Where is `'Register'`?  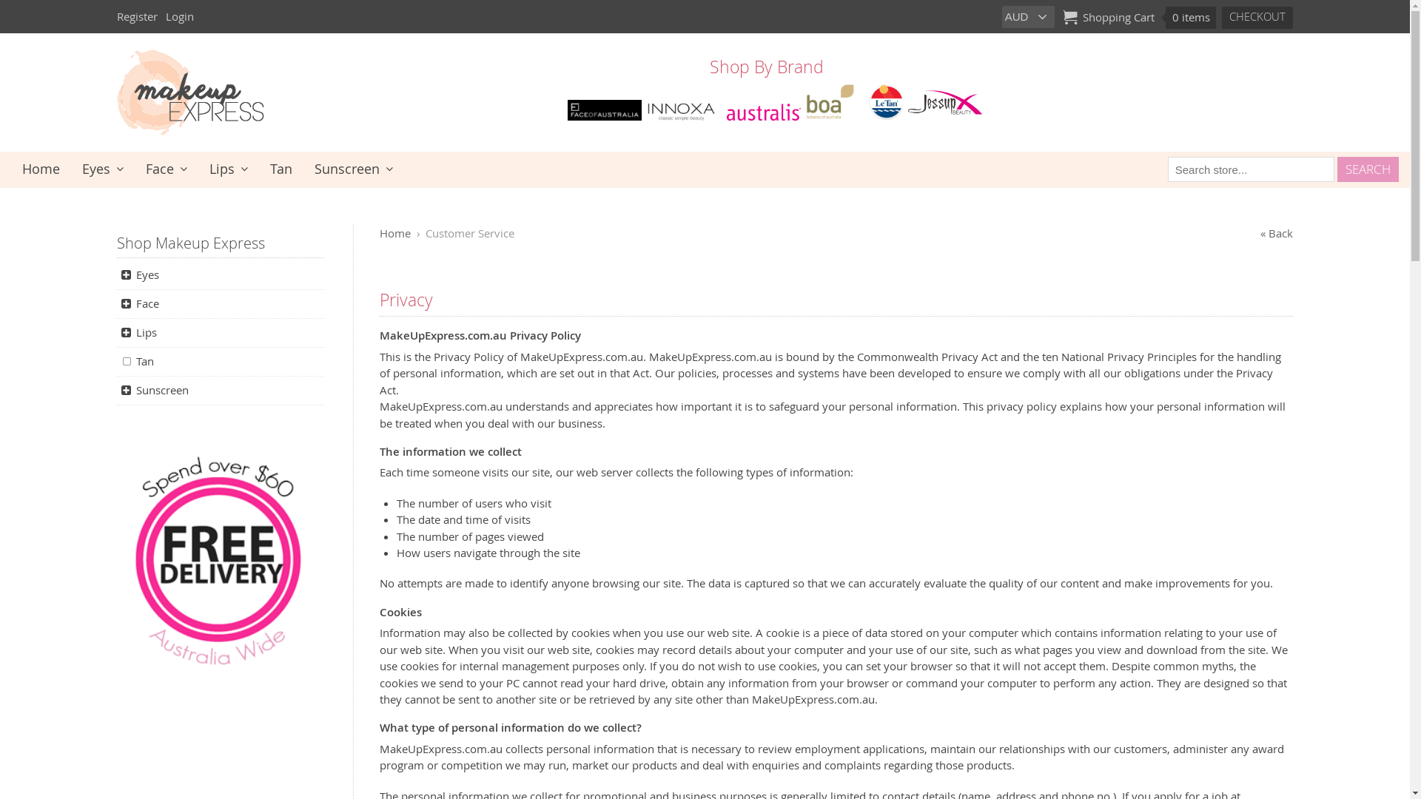
'Register' is located at coordinates (138, 16).